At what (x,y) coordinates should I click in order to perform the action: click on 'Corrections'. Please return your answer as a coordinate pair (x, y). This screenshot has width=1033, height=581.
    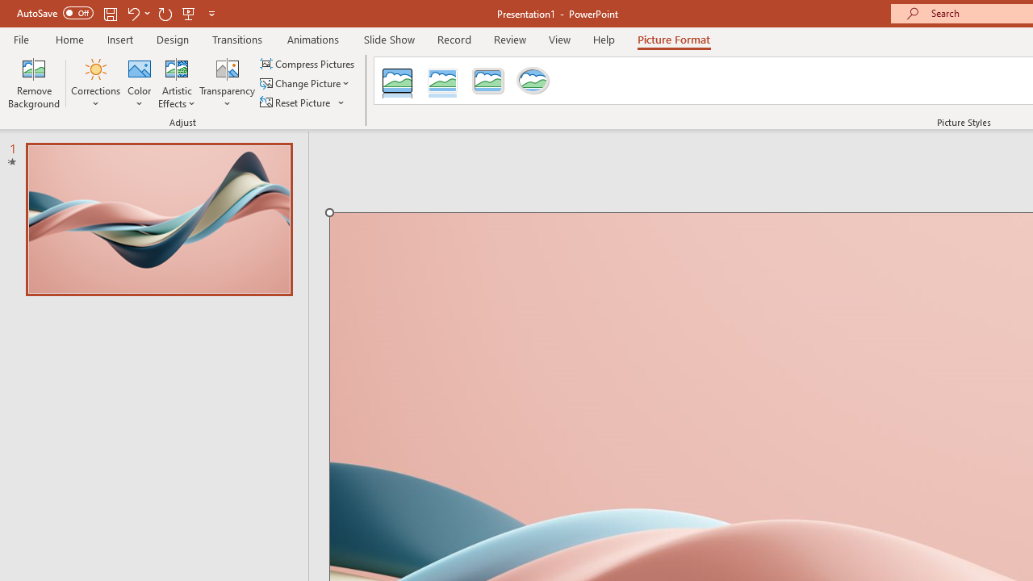
    Looking at the image, I should click on (95, 83).